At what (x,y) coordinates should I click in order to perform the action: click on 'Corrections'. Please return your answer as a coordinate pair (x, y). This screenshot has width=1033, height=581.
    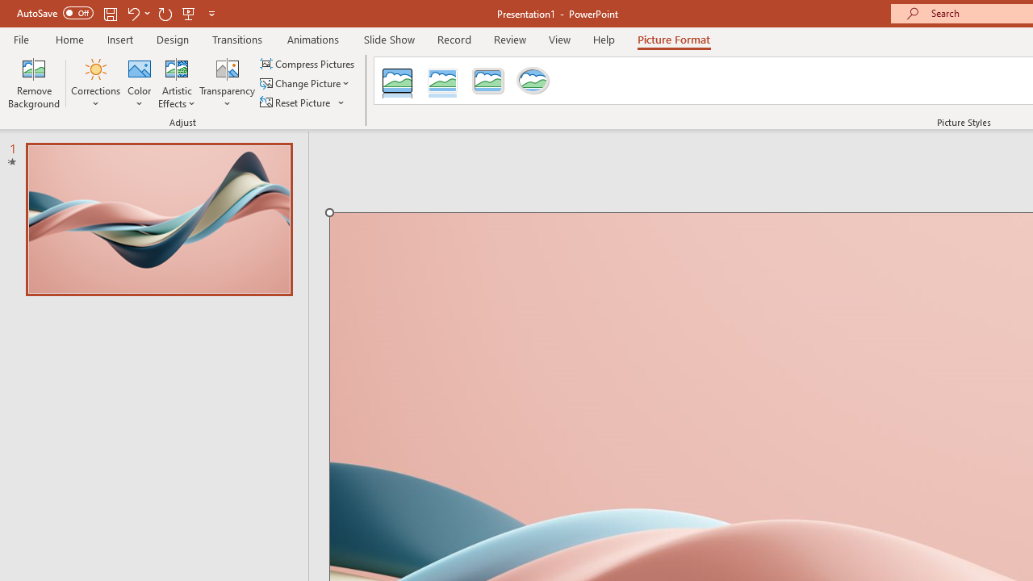
    Looking at the image, I should click on (95, 83).